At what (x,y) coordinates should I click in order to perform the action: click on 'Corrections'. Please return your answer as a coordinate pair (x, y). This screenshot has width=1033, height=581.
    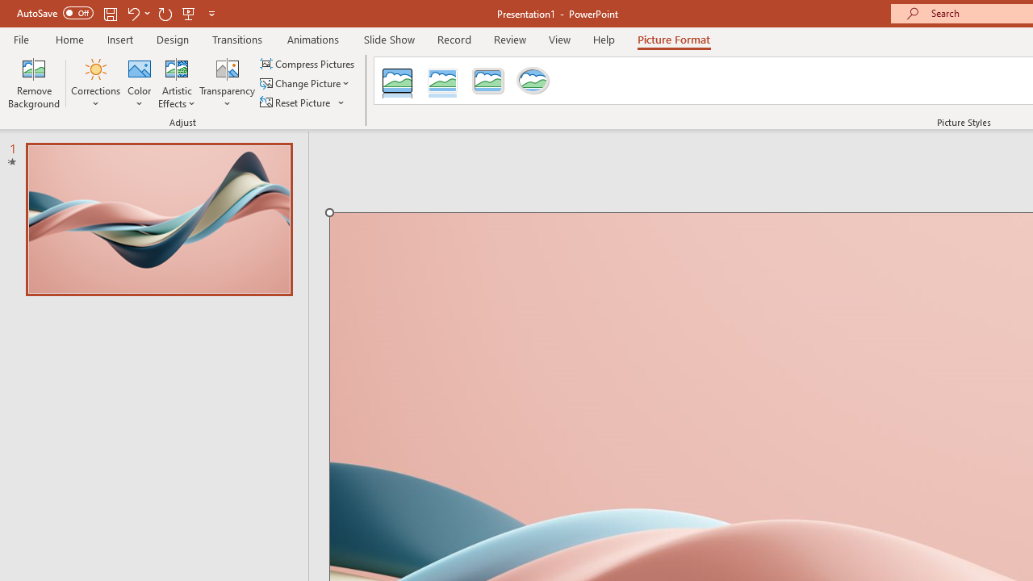
    Looking at the image, I should click on (95, 83).